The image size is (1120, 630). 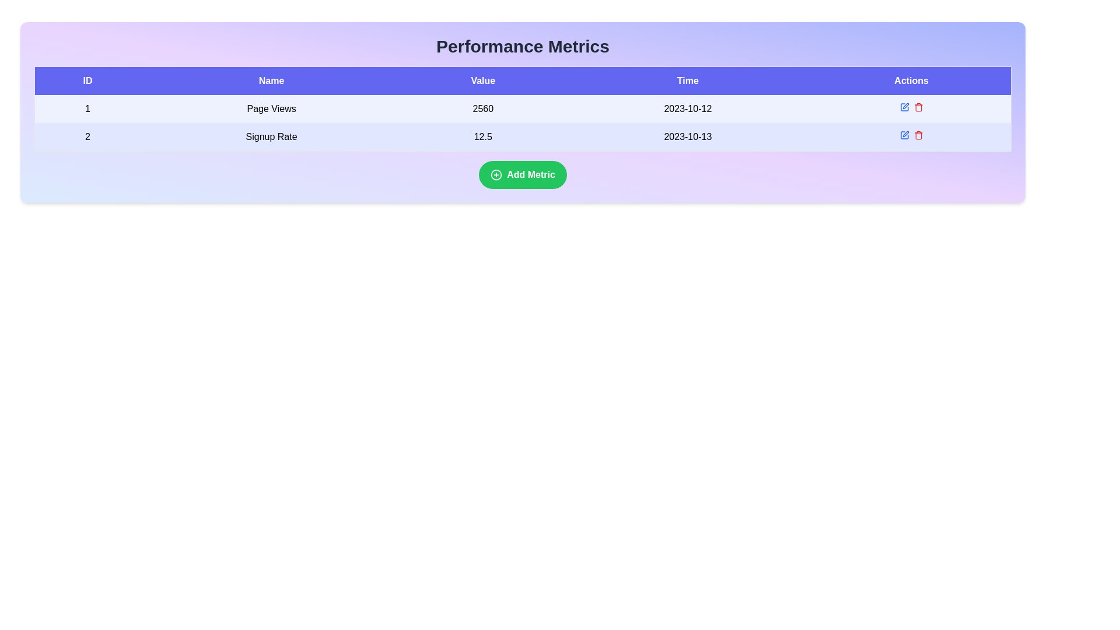 What do you see at coordinates (918, 134) in the screenshot?
I see `the trash bin icon in the 'Actions' column of the second row of the table to change its style` at bounding box center [918, 134].